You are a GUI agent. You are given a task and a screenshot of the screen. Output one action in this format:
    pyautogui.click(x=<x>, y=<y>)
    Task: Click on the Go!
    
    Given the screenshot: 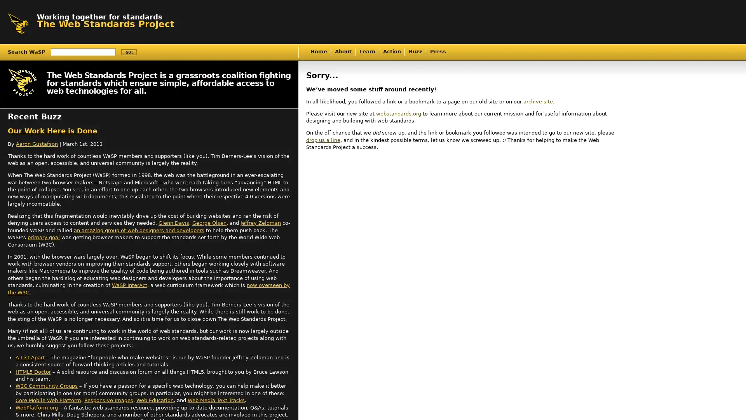 What is the action you would take?
    pyautogui.click(x=129, y=52)
    